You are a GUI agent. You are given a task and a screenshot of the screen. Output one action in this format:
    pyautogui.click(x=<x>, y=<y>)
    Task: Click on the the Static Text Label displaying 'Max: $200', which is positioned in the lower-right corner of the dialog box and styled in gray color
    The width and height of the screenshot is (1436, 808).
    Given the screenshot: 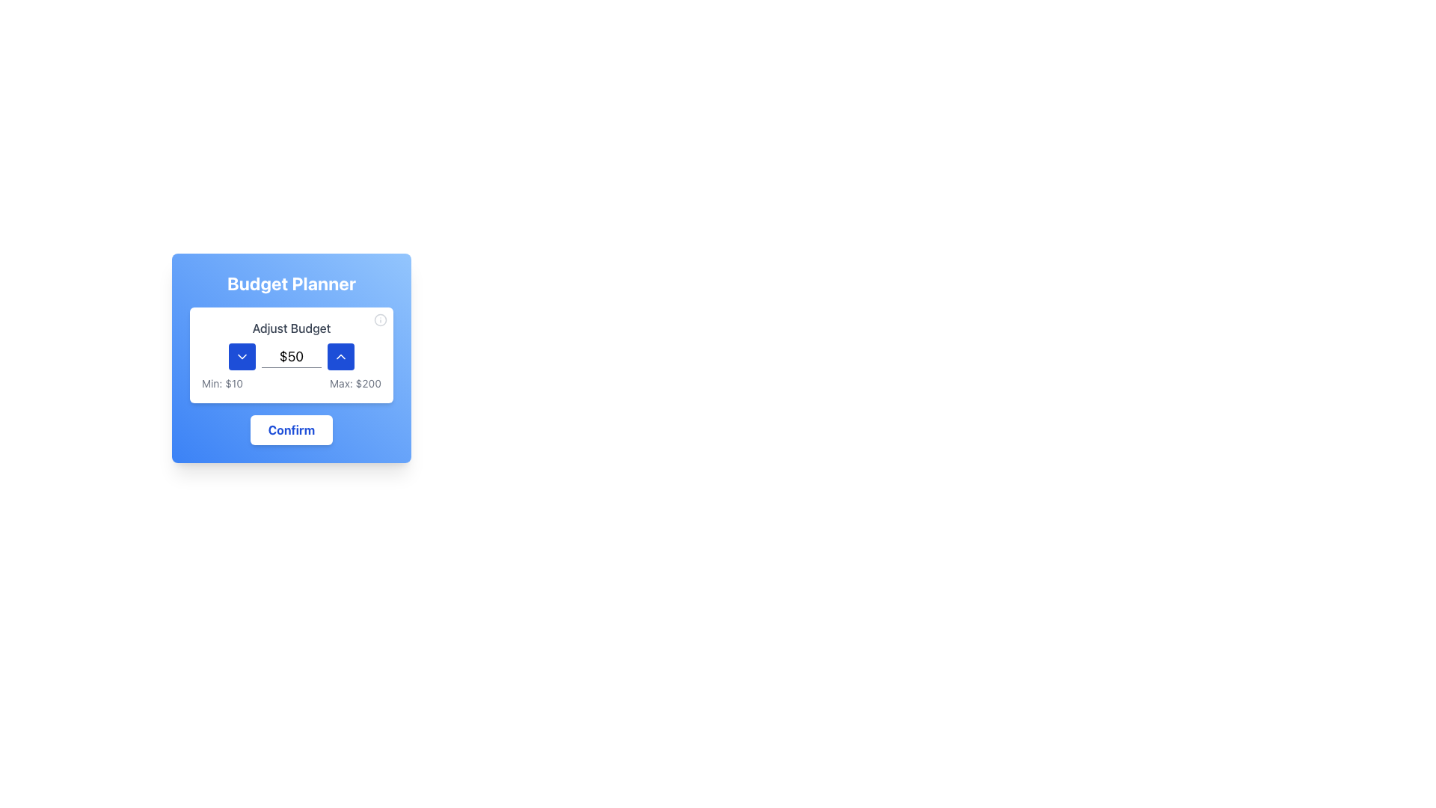 What is the action you would take?
    pyautogui.click(x=355, y=383)
    